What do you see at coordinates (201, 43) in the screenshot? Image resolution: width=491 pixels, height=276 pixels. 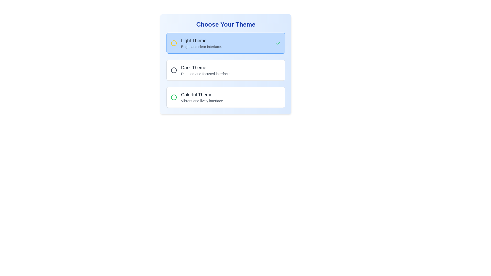 I see `the first option in the theme selection interface that presents the 'Light Theme' name and description` at bounding box center [201, 43].